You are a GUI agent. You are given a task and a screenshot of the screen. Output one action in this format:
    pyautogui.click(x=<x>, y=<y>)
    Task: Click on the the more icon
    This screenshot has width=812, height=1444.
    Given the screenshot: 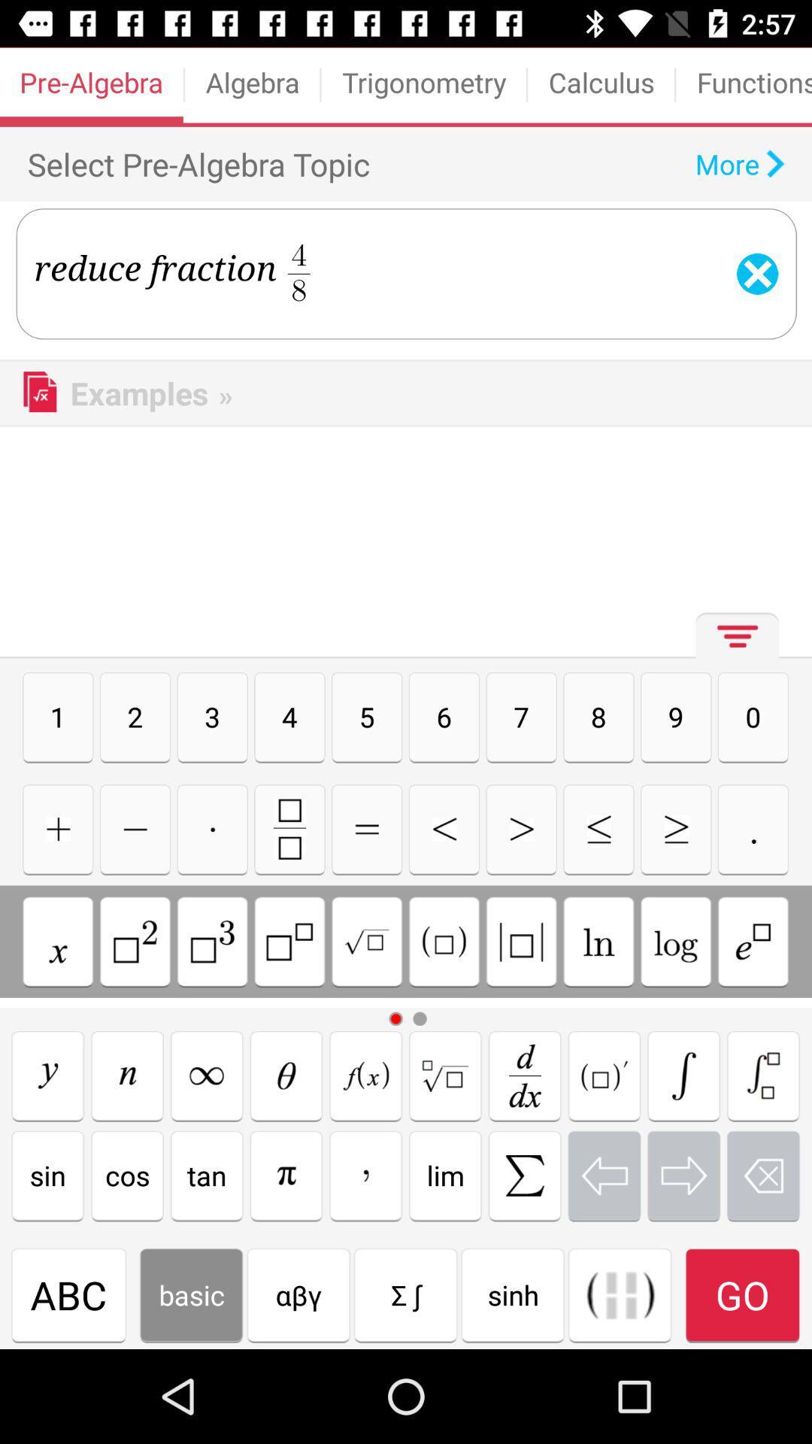 What is the action you would take?
    pyautogui.click(x=732, y=642)
    